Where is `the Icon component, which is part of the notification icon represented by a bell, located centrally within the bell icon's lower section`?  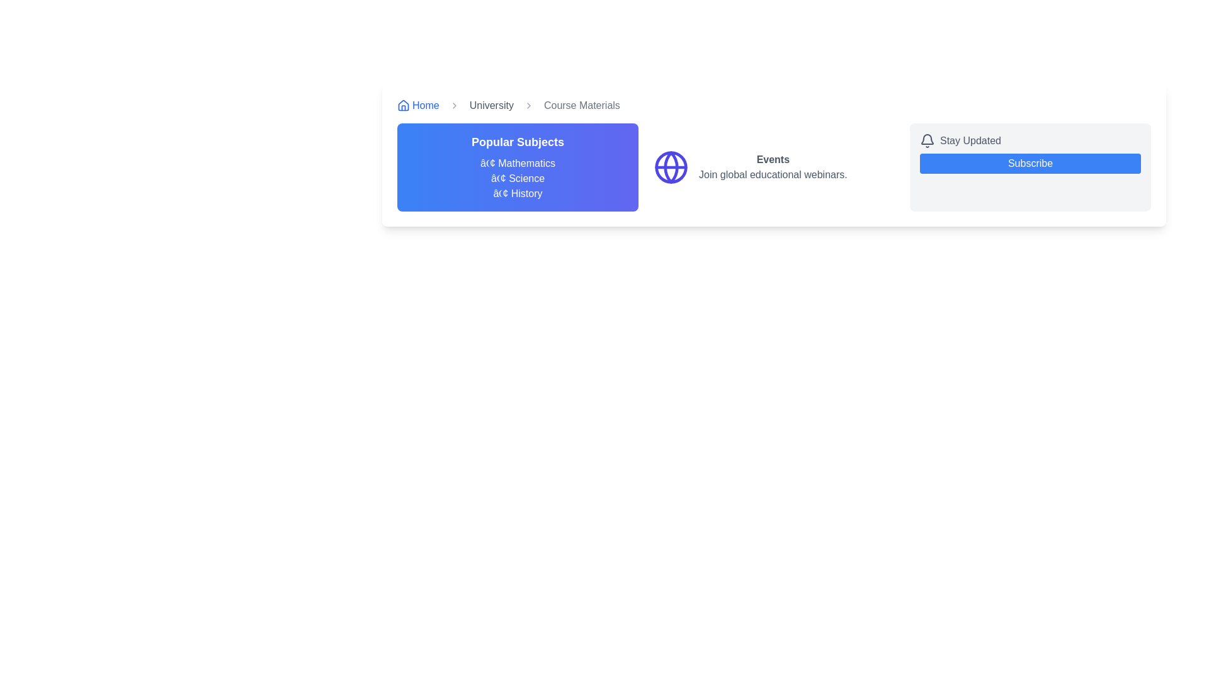
the Icon component, which is part of the notification icon represented by a bell, located centrally within the bell icon's lower section is located at coordinates (928, 139).